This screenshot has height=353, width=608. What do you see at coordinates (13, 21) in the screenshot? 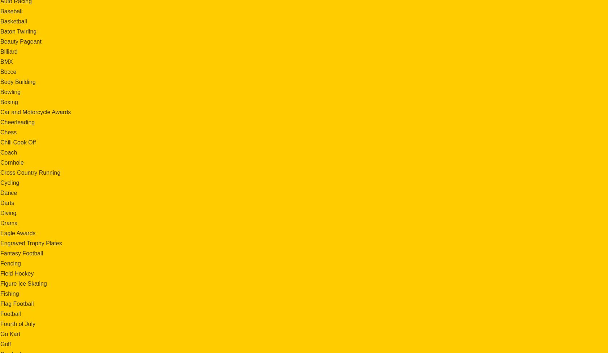
I see `'Basketball'` at bounding box center [13, 21].